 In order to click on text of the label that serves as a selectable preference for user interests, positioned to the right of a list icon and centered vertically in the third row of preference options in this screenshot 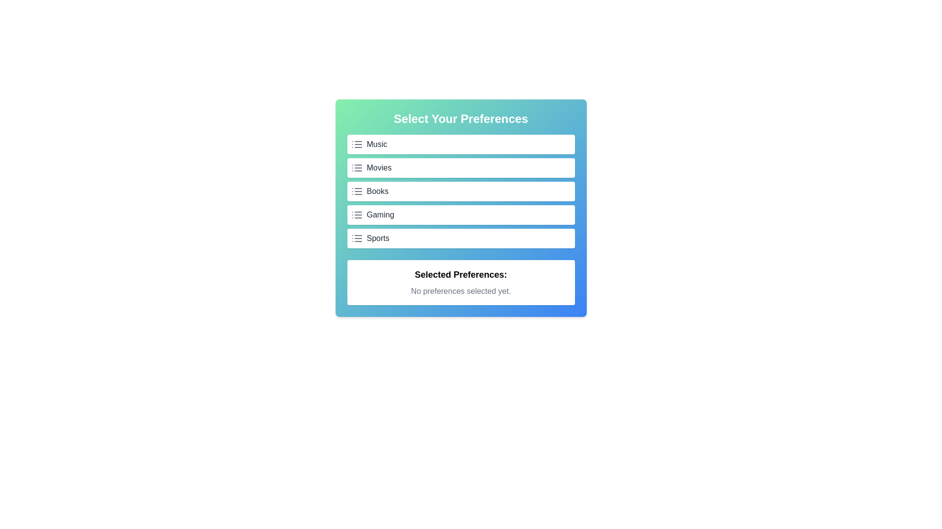, I will do `click(377, 191)`.